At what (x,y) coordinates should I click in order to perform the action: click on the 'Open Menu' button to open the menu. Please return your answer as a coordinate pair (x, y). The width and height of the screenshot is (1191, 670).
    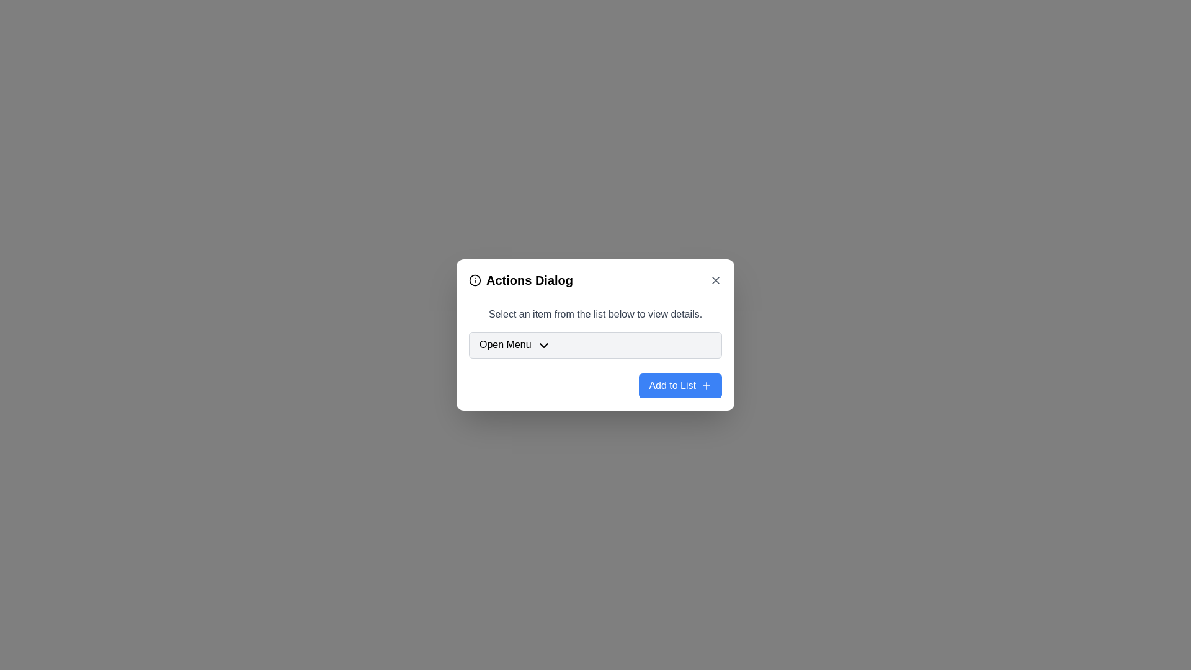
    Looking at the image, I should click on (595, 344).